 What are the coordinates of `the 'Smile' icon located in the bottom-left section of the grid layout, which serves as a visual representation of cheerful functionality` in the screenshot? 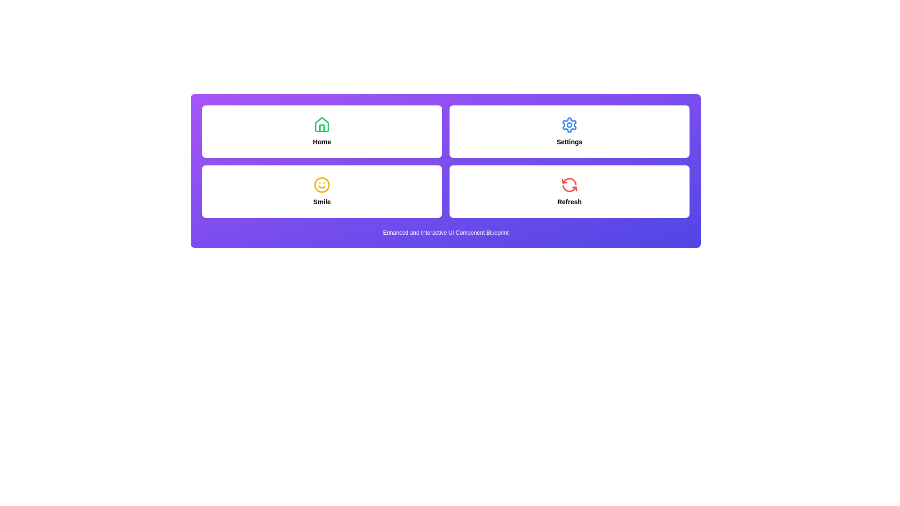 It's located at (322, 185).